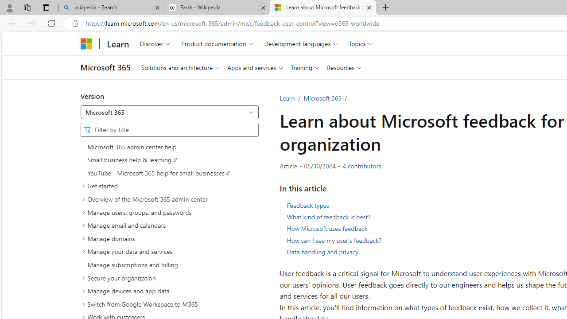 The image size is (567, 319). What do you see at coordinates (8, 38) in the screenshot?
I see `'Skip to main content'` at bounding box center [8, 38].